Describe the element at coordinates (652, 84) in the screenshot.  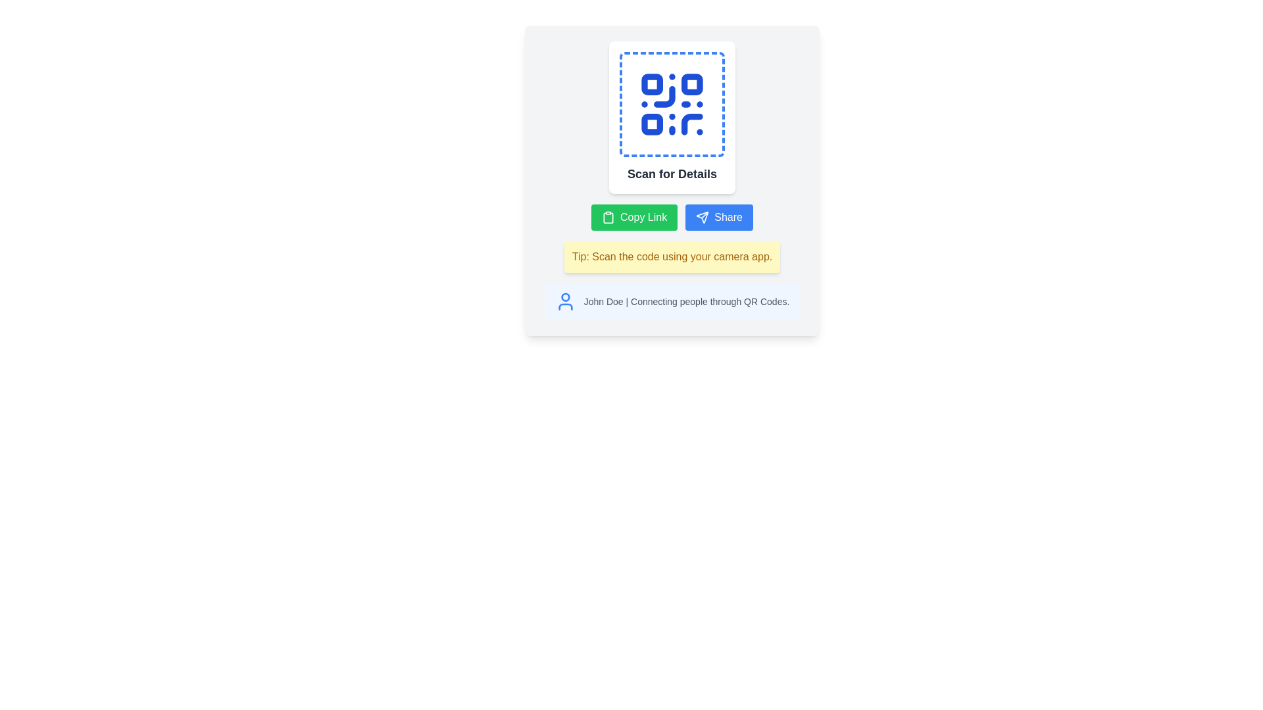
I see `the small, square-shaped component located at the top-left corner of the QR code graphic, which has rounded corners and is part of a larger structure with three similar squares` at that location.